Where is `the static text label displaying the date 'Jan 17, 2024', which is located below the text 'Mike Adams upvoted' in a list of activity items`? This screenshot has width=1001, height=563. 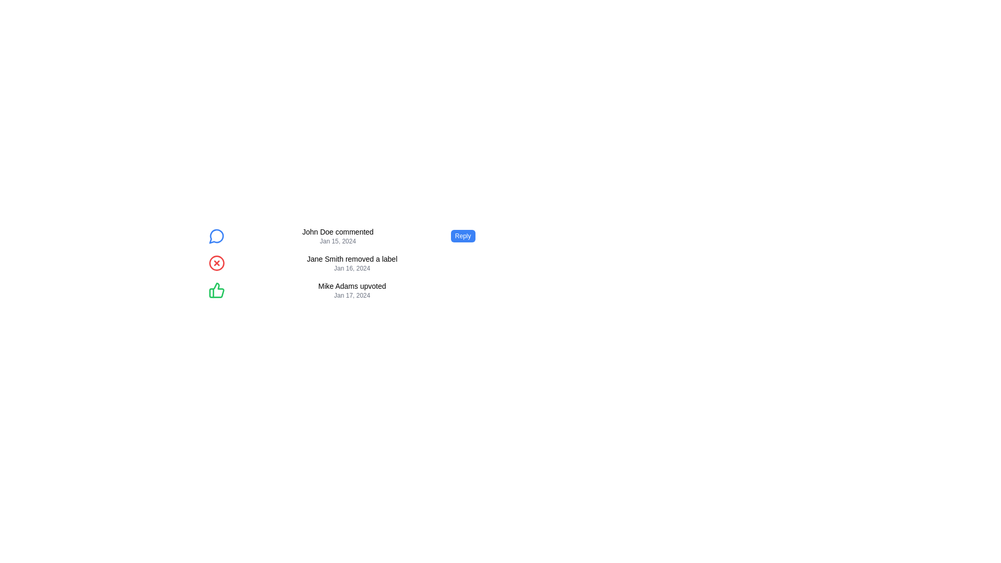
the static text label displaying the date 'Jan 17, 2024', which is located below the text 'Mike Adams upvoted' in a list of activity items is located at coordinates (352, 296).